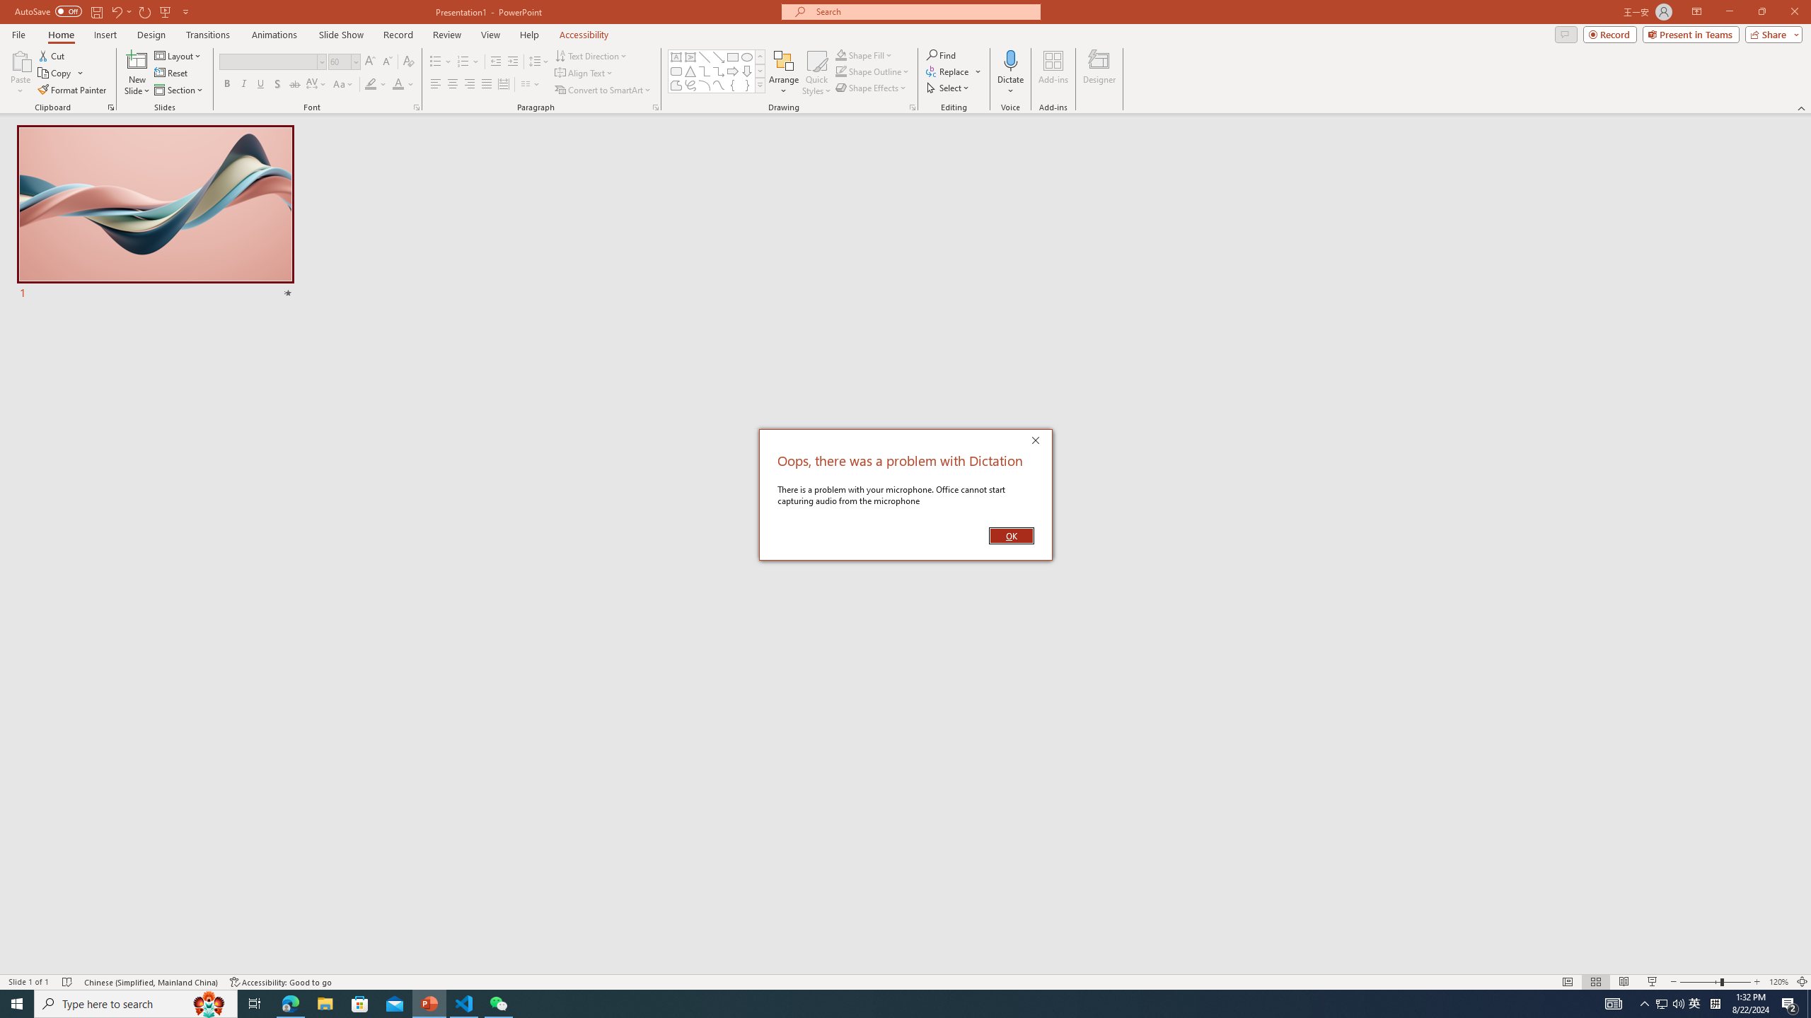  What do you see at coordinates (841, 54) in the screenshot?
I see `'Shape Fill Orange, Accent 2'` at bounding box center [841, 54].